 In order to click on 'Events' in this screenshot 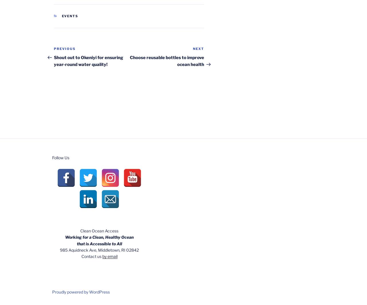, I will do `click(69, 16)`.